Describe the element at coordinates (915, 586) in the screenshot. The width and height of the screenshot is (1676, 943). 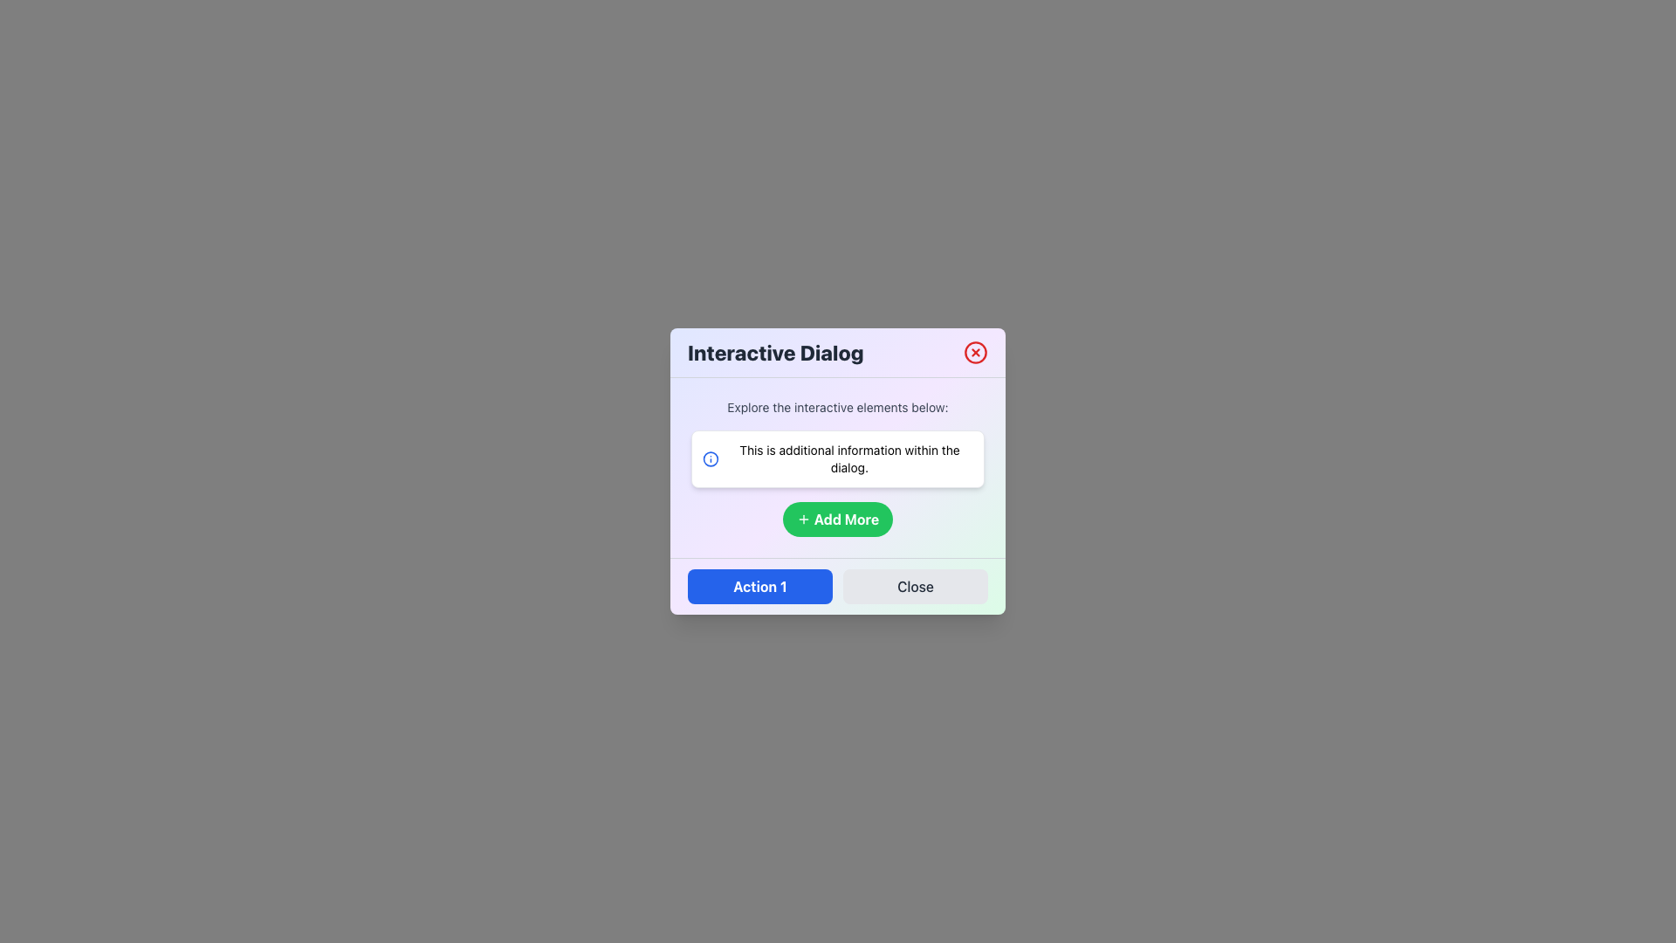
I see `the button located at the bottom-right of the dialog box, immediately to the right of the 'Action 1' button` at that location.